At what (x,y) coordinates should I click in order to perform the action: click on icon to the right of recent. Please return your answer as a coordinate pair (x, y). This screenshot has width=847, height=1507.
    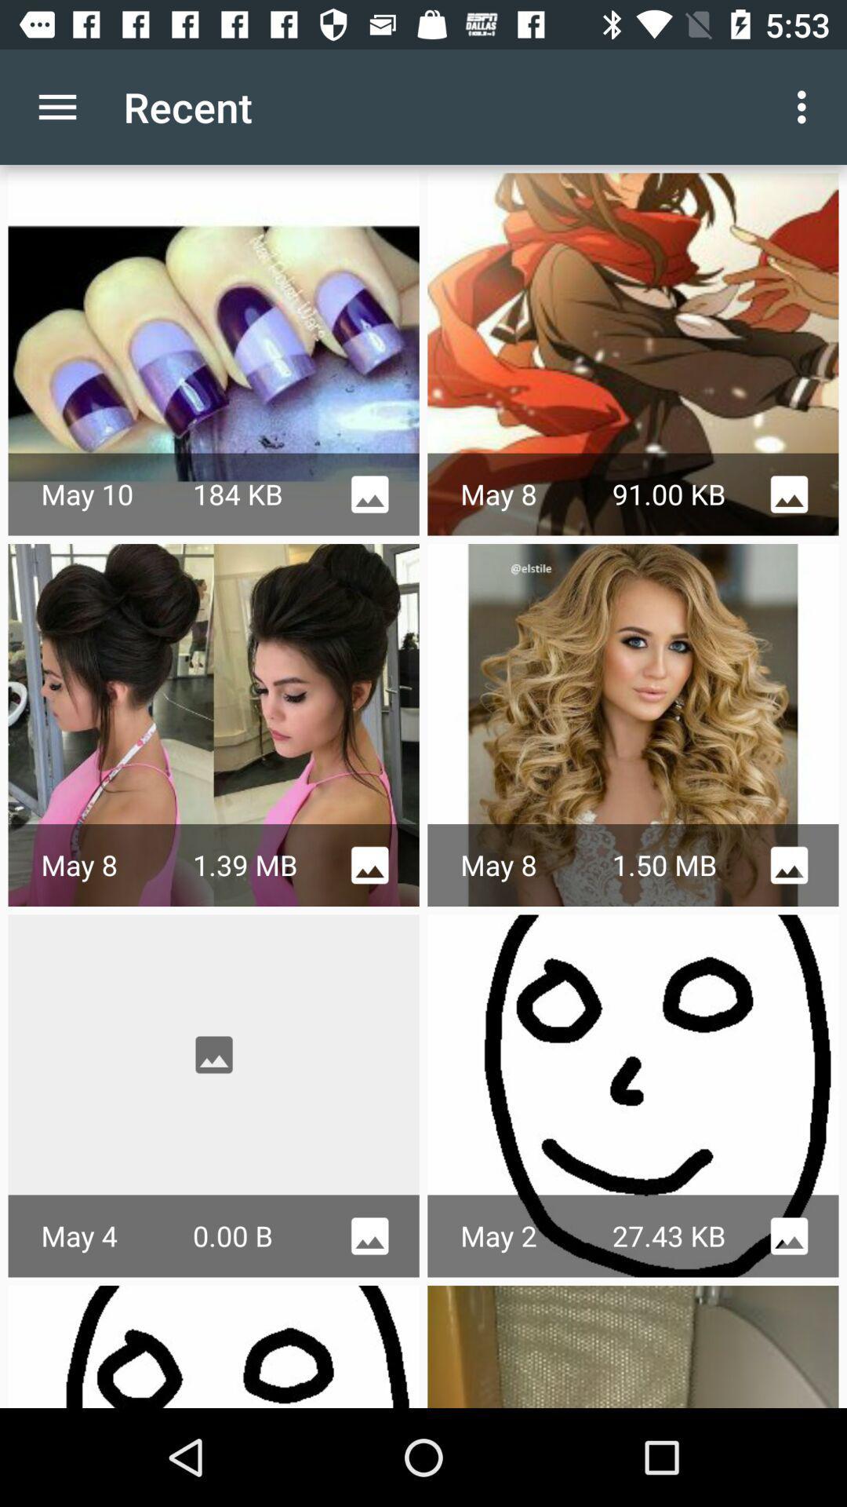
    Looking at the image, I should click on (805, 106).